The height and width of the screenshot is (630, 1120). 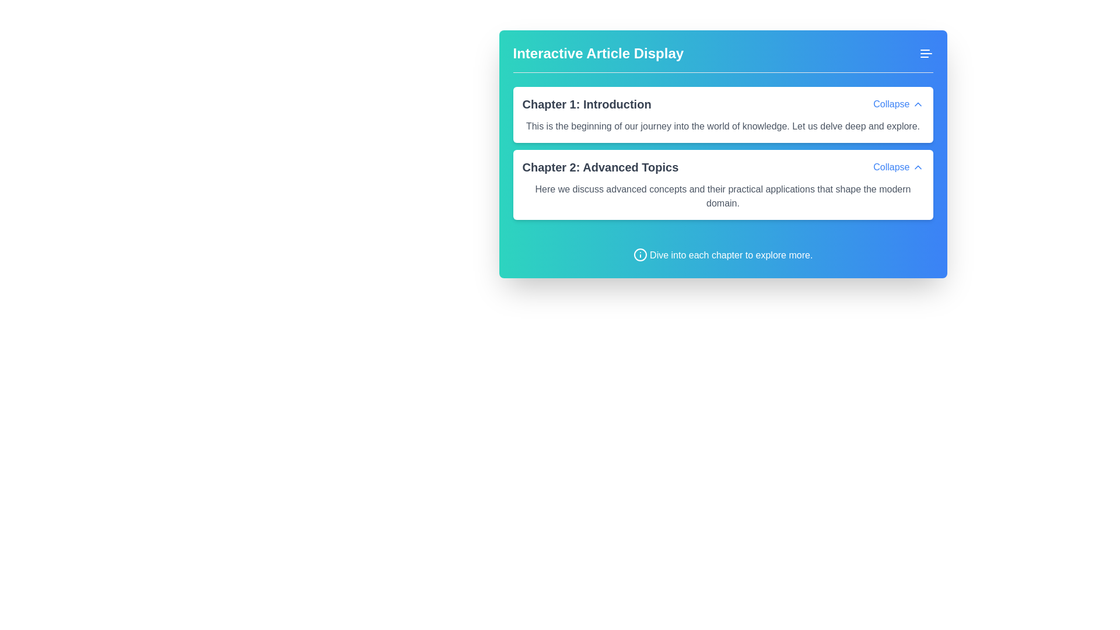 What do you see at coordinates (639, 254) in the screenshot?
I see `the circular SVG graphic element that is part of an informational icon, located in the lower-right area of the blue-themed content card` at bounding box center [639, 254].